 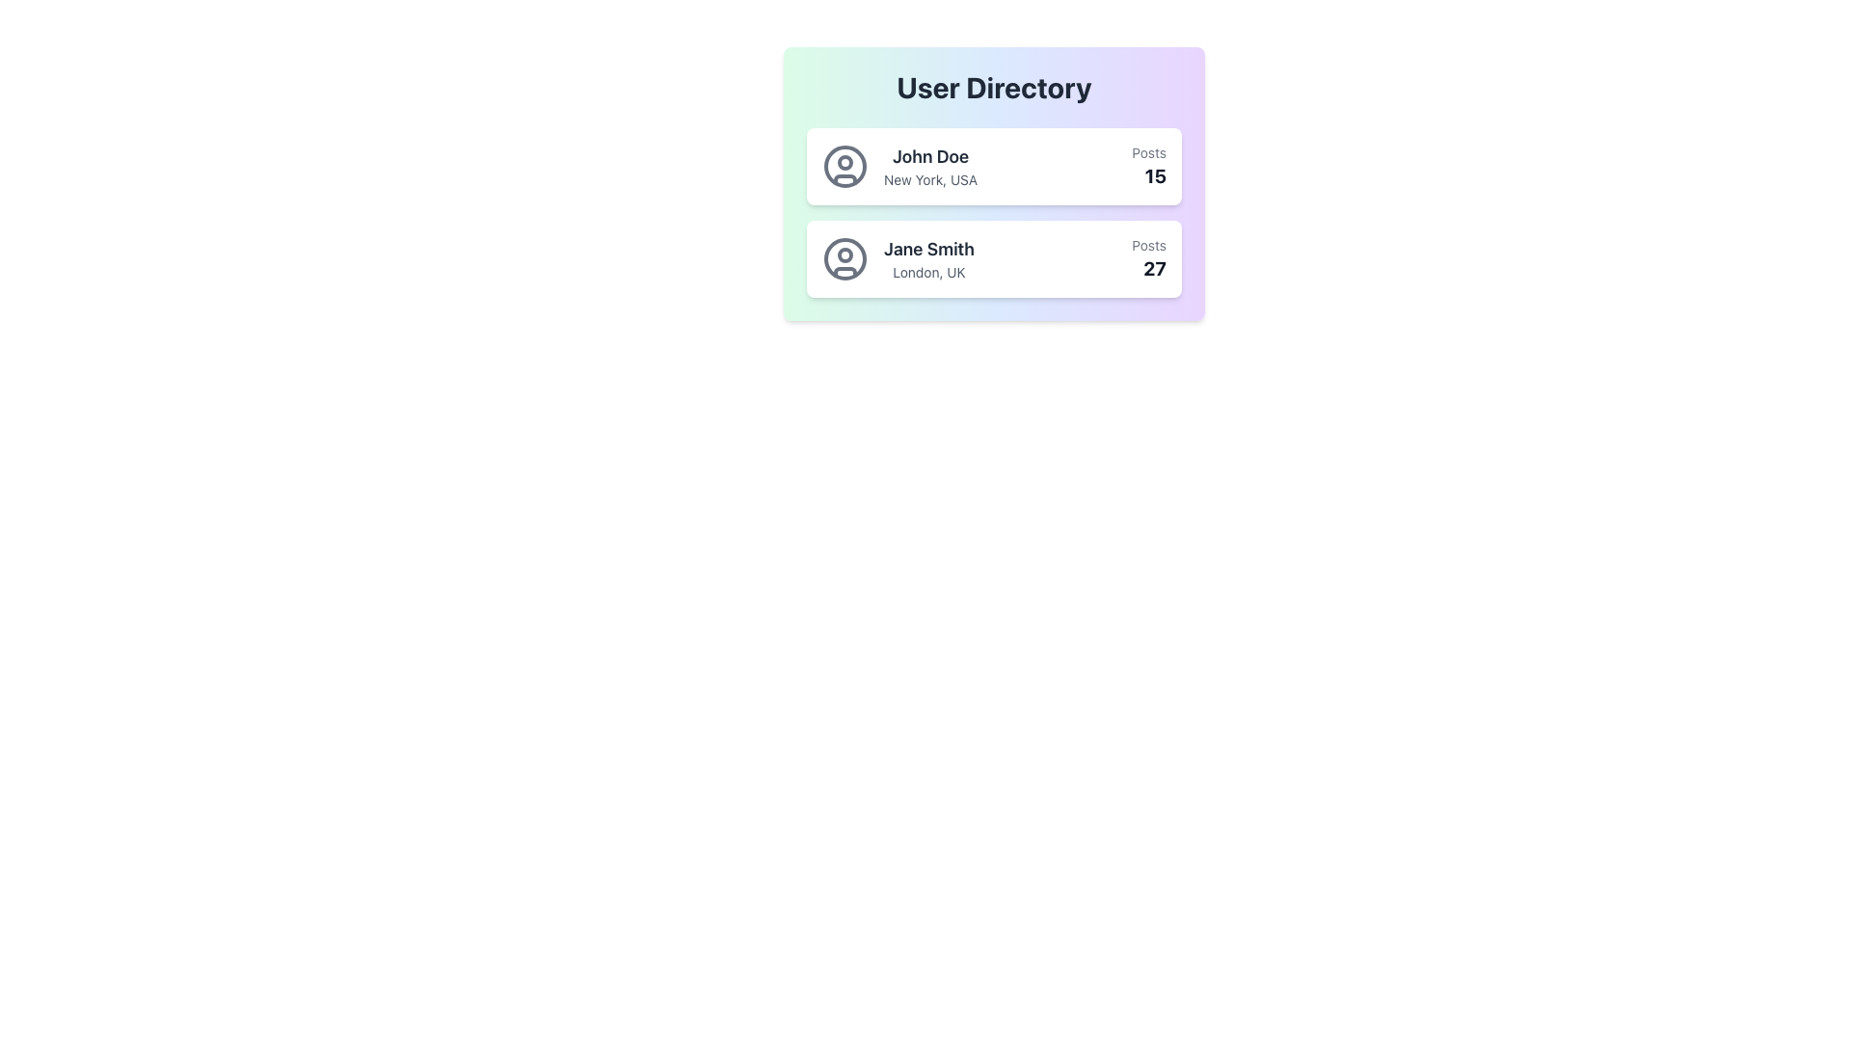 What do you see at coordinates (1149, 175) in the screenshot?
I see `the text label displaying the total number of posts associated with user 'John Doe', located in the top user information section beneath the 'Posts' label` at bounding box center [1149, 175].